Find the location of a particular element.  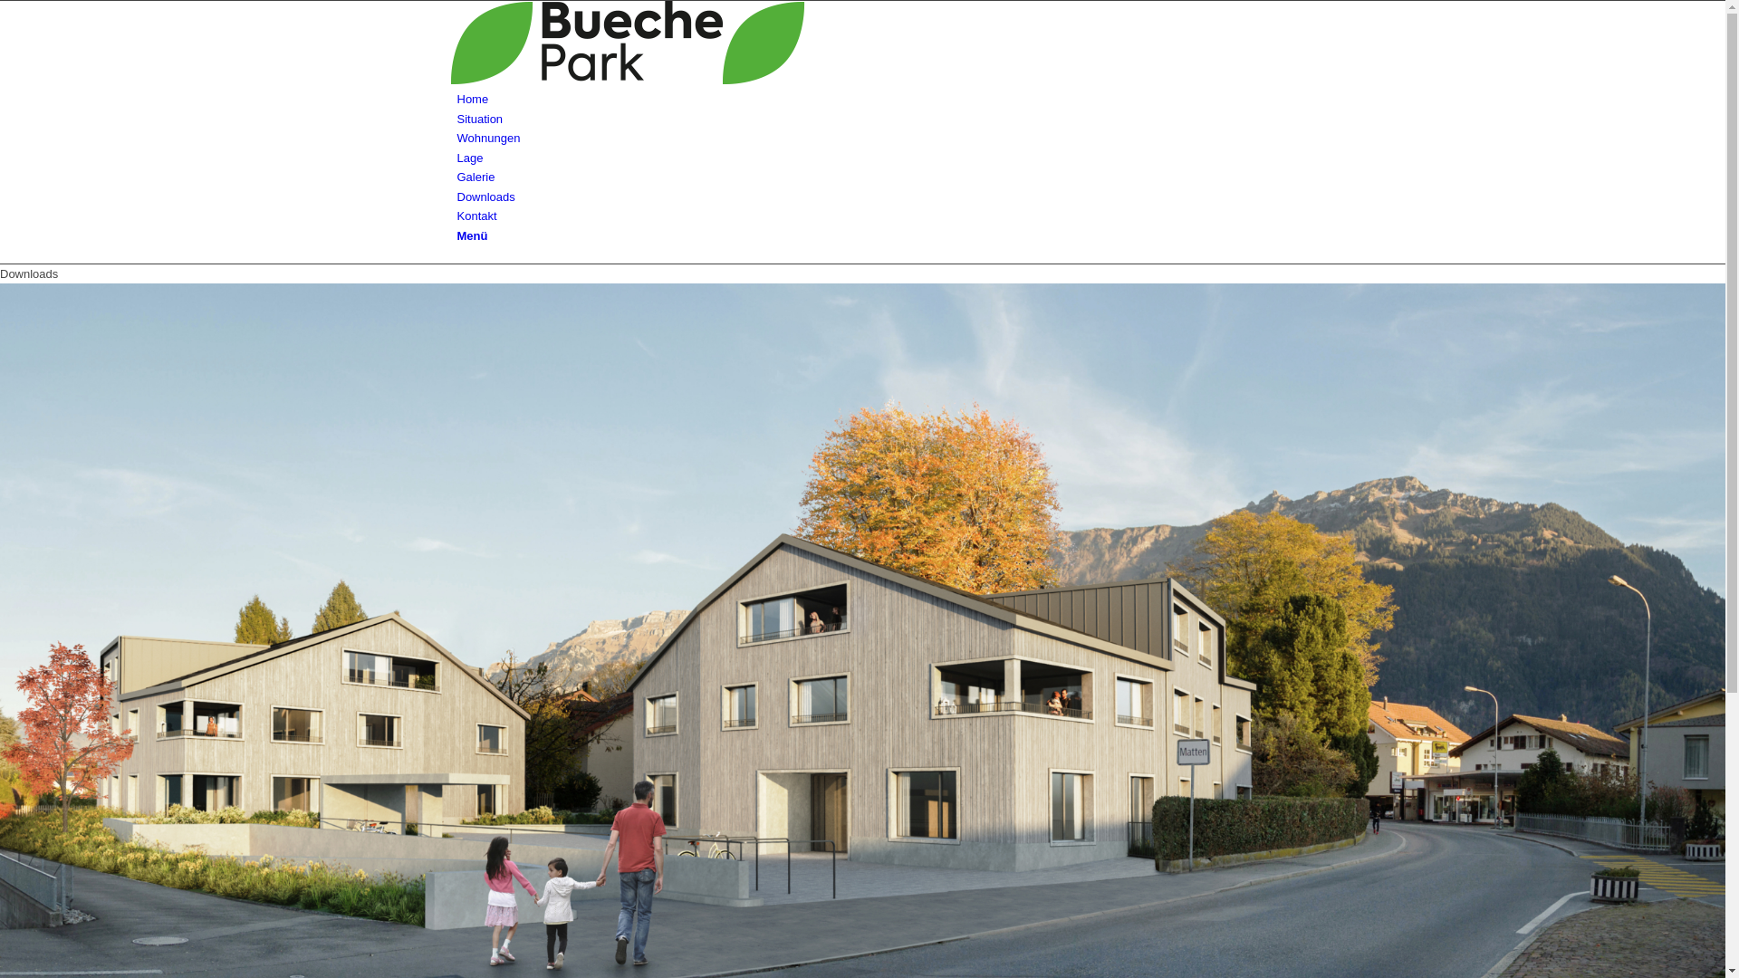

'Wohnungen' is located at coordinates (487, 137).